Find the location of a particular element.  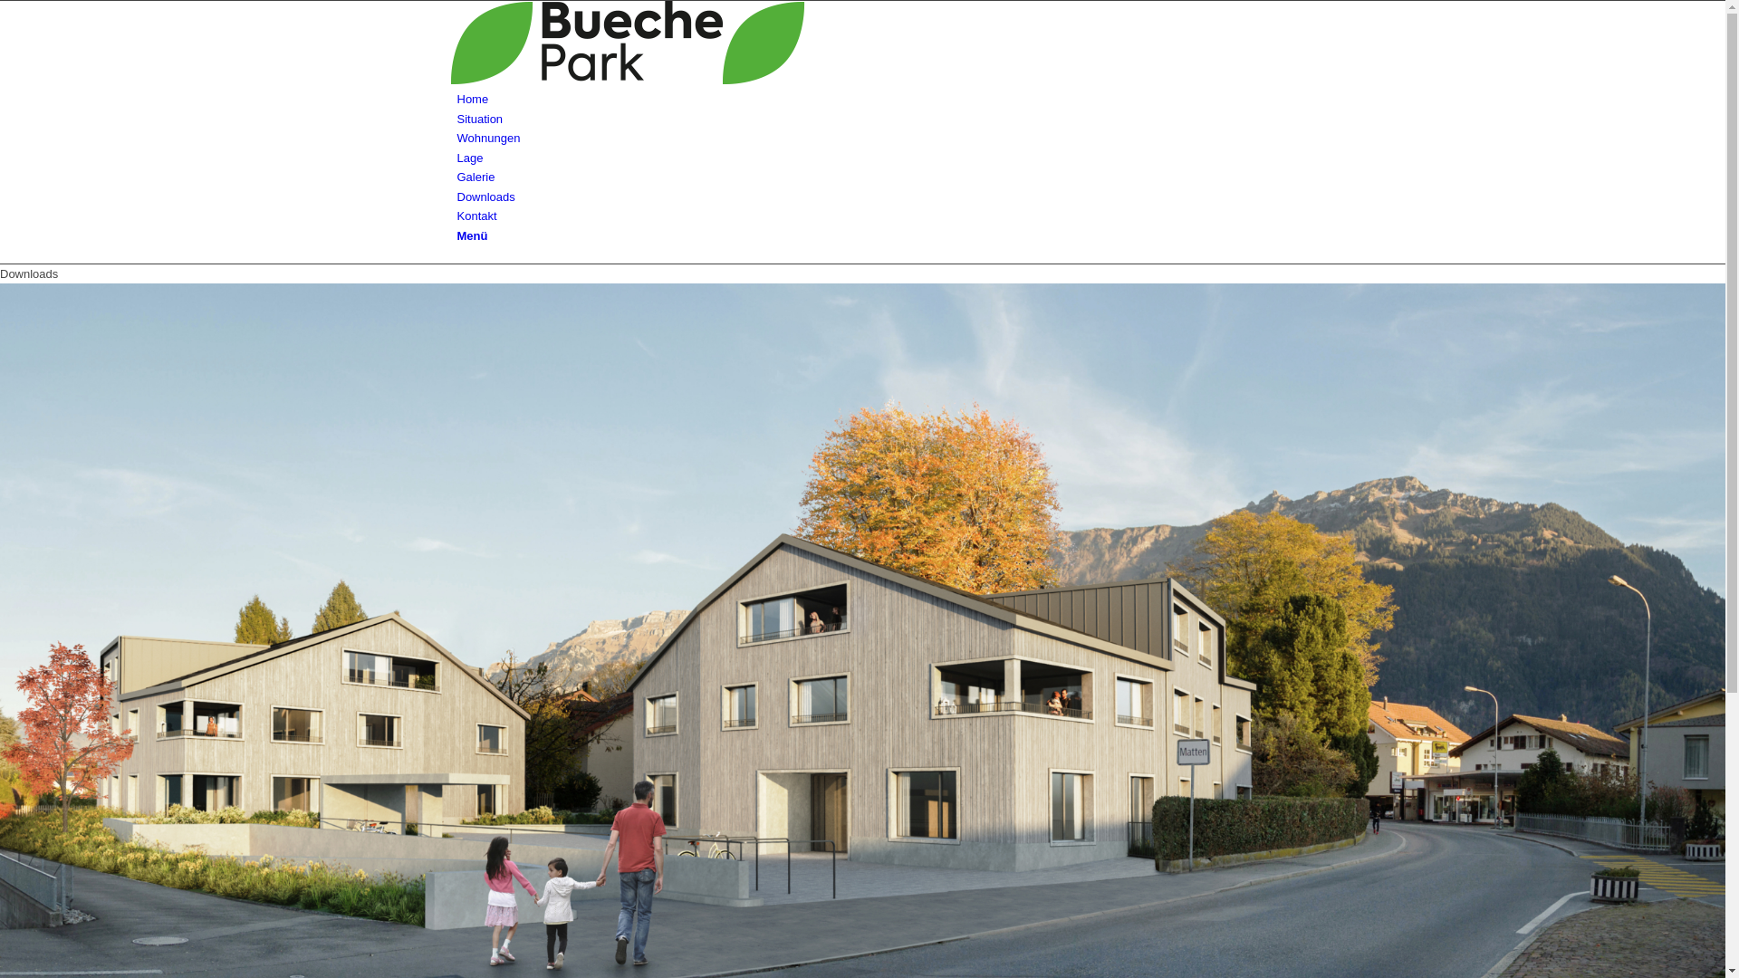

'Wohnungen' is located at coordinates (487, 137).